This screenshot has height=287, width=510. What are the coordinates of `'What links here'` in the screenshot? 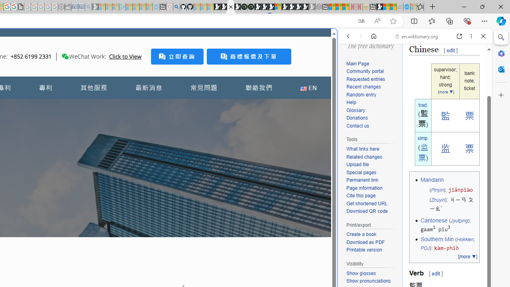 It's located at (362, 149).